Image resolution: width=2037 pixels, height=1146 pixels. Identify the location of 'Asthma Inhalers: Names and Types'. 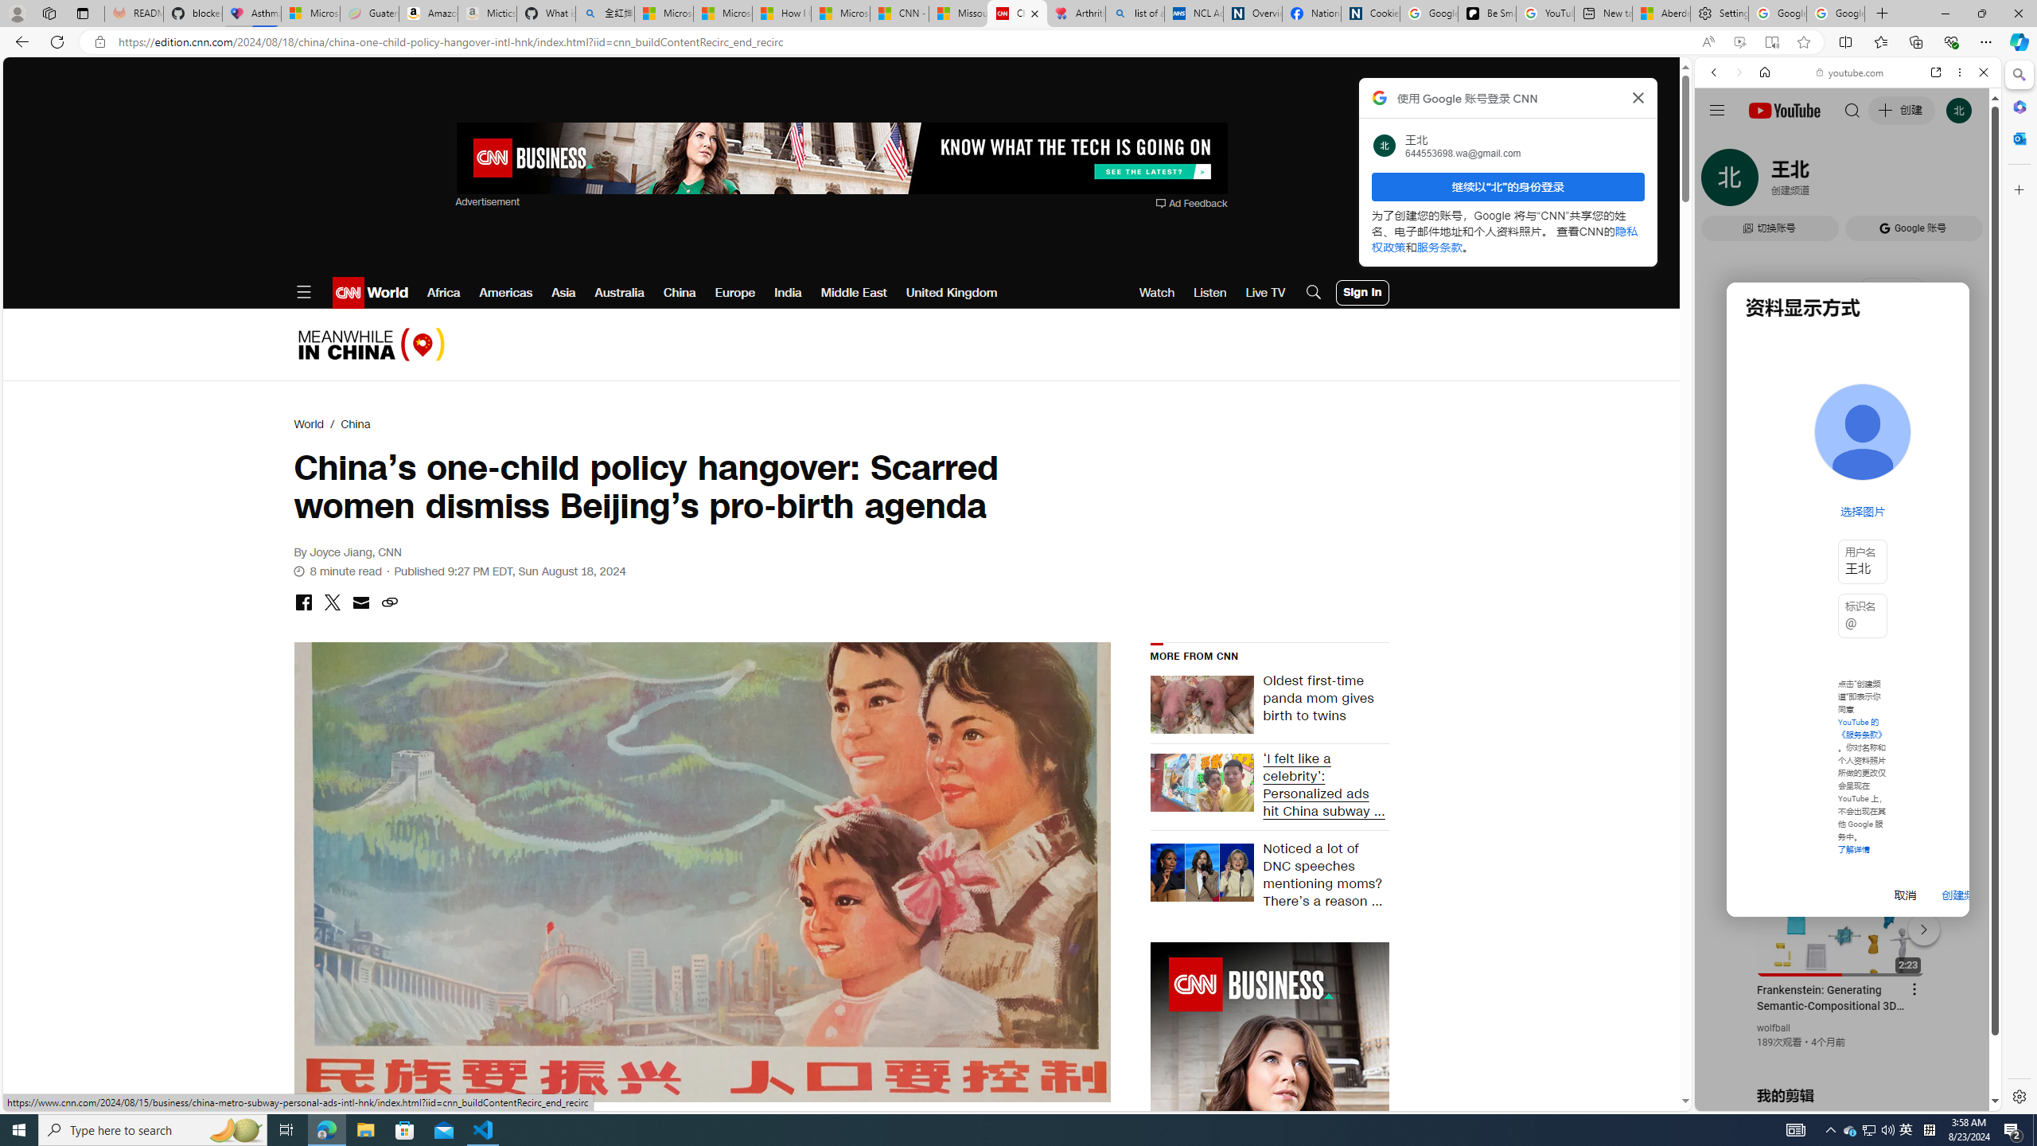
(251, 13).